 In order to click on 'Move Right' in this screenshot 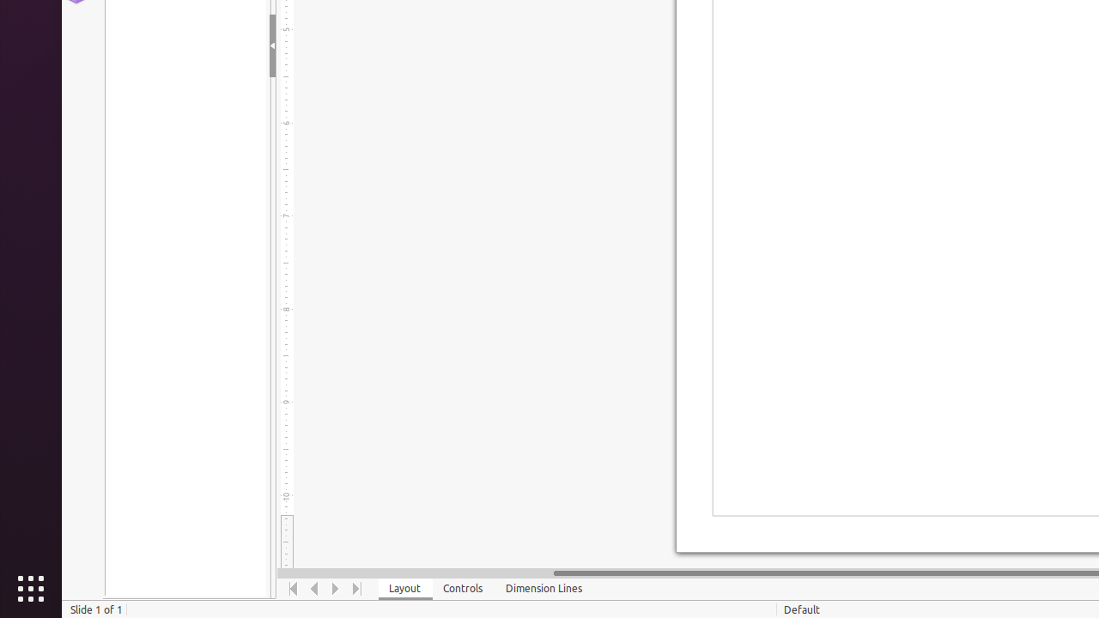, I will do `click(336, 588)`.